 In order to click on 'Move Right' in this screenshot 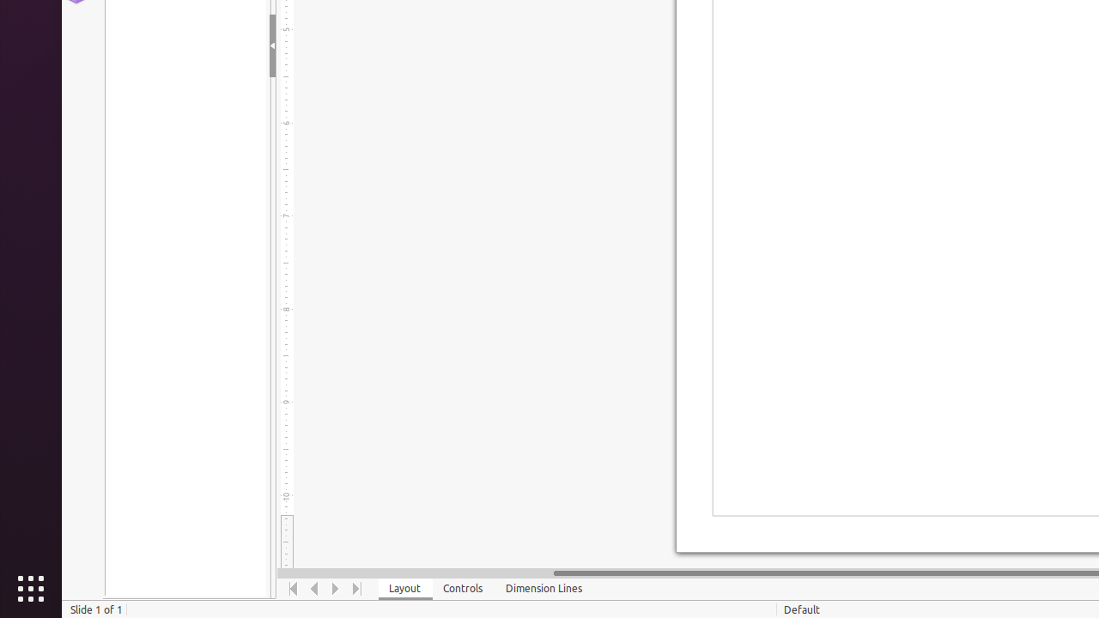, I will do `click(336, 588)`.